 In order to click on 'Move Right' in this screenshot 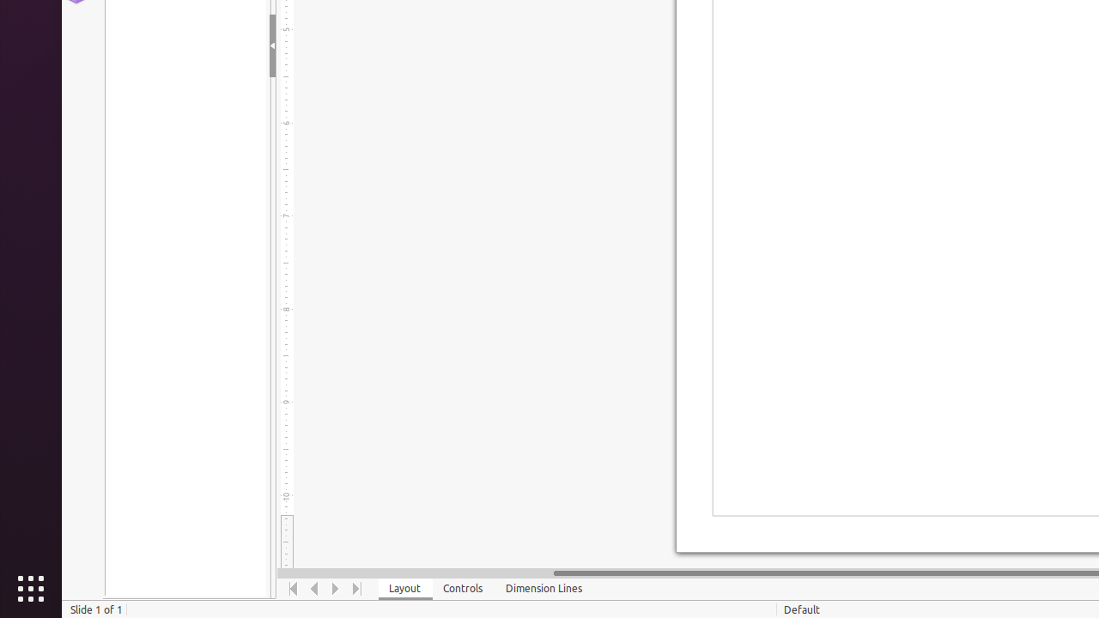, I will do `click(336, 588)`.